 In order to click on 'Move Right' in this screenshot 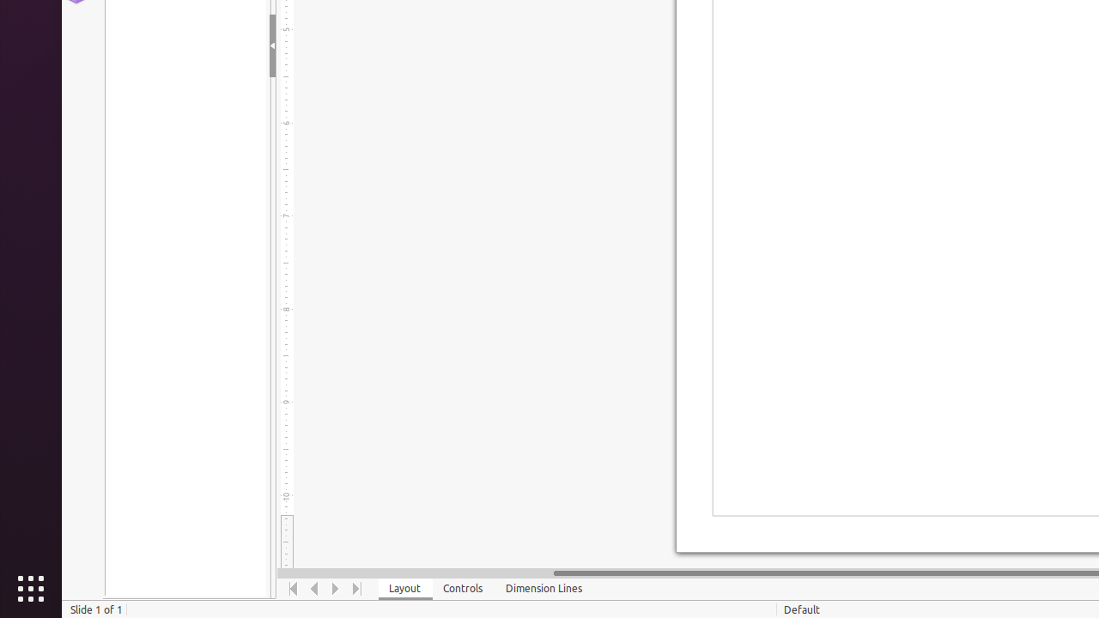, I will do `click(336, 588)`.